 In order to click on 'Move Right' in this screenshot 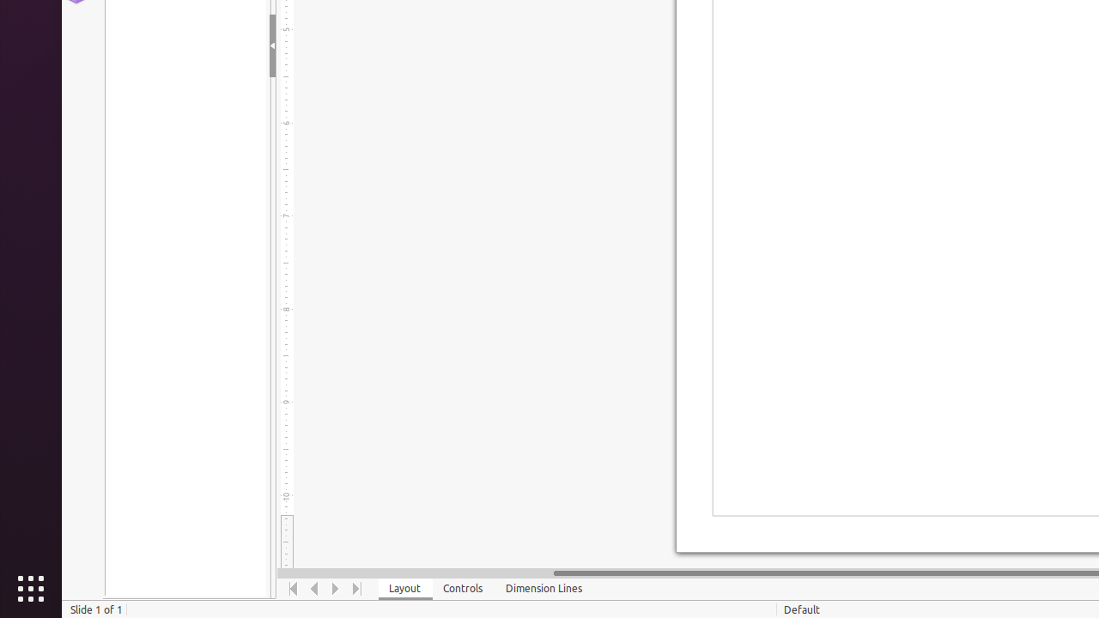, I will do `click(336, 588)`.